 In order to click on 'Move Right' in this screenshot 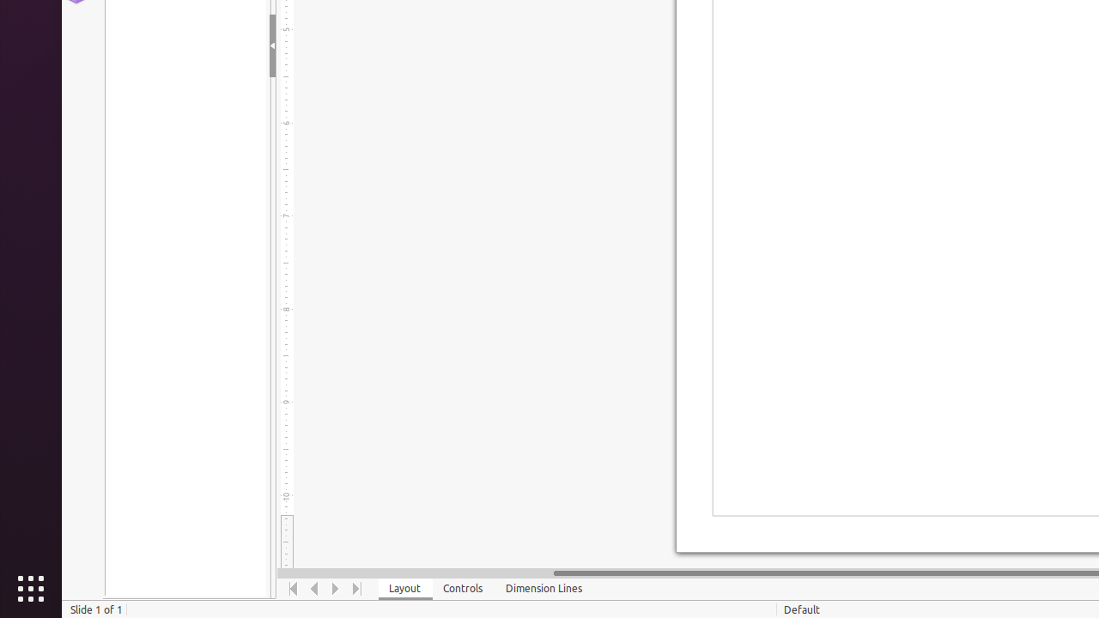, I will do `click(336, 588)`.